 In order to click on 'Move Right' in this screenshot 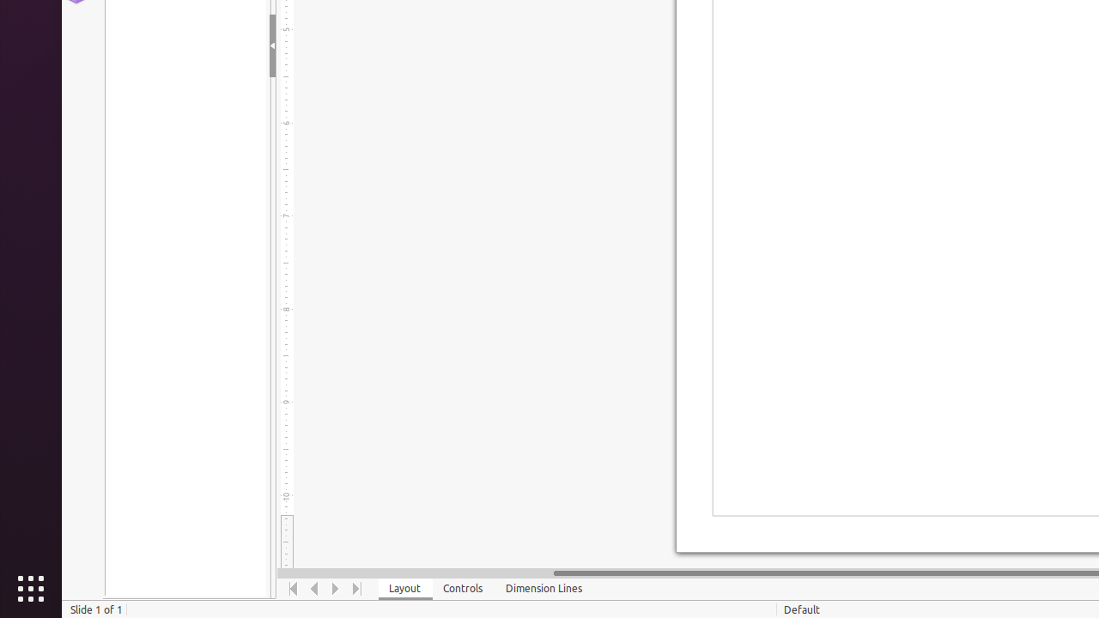, I will do `click(336, 588)`.